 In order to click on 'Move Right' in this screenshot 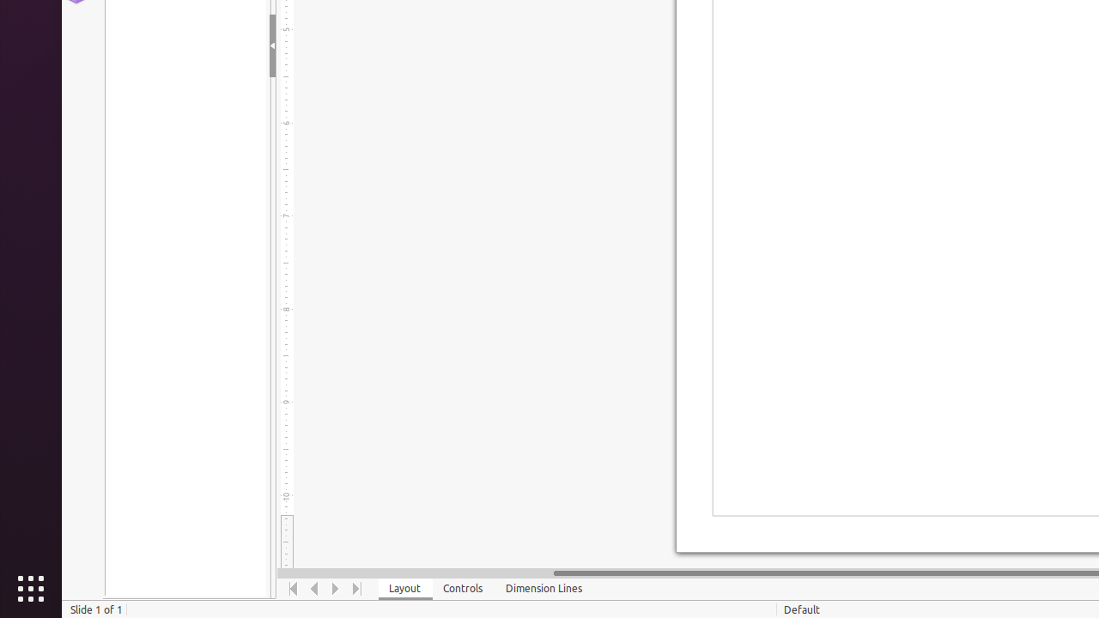, I will do `click(336, 588)`.